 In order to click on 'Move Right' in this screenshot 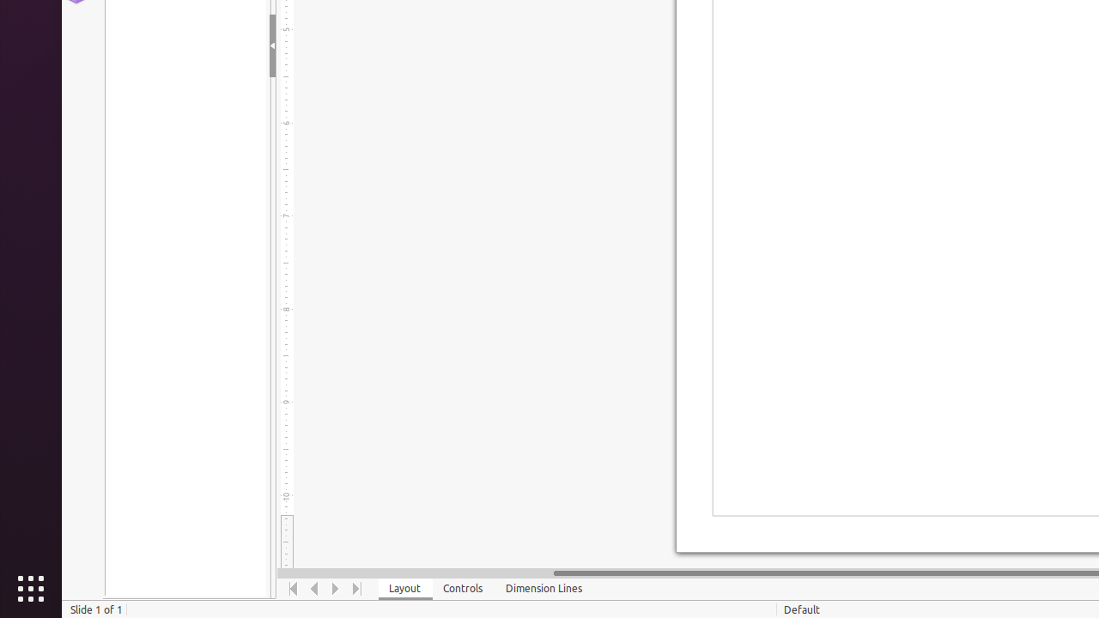, I will do `click(336, 588)`.